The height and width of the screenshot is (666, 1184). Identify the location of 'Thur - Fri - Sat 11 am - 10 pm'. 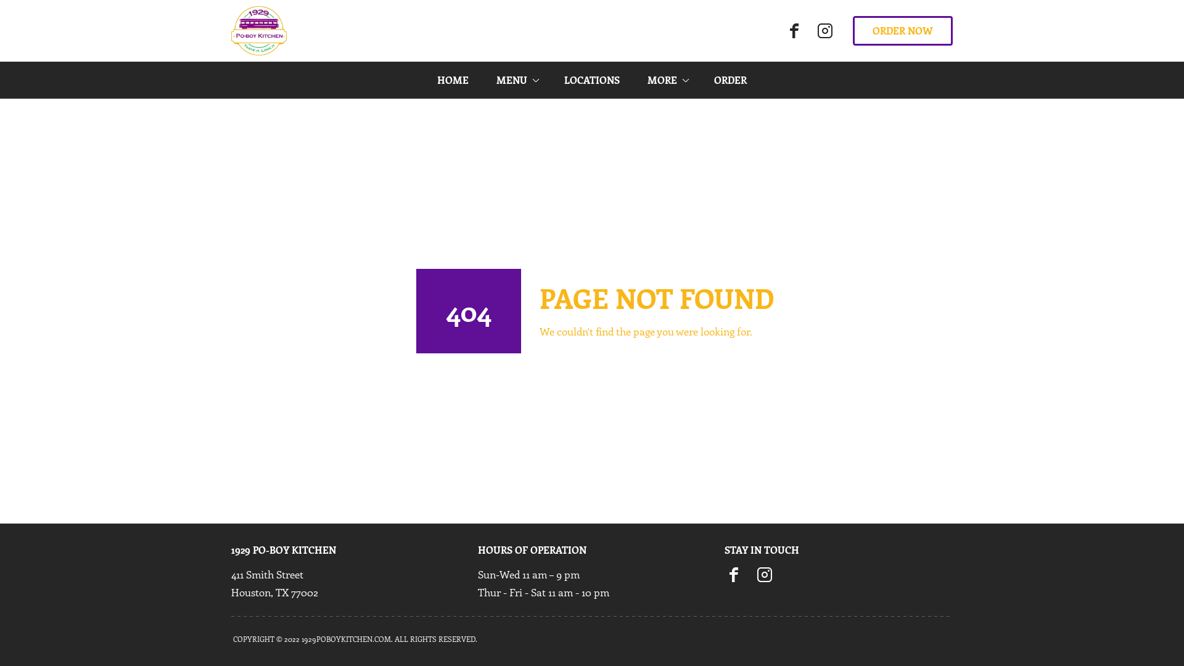
(543, 591).